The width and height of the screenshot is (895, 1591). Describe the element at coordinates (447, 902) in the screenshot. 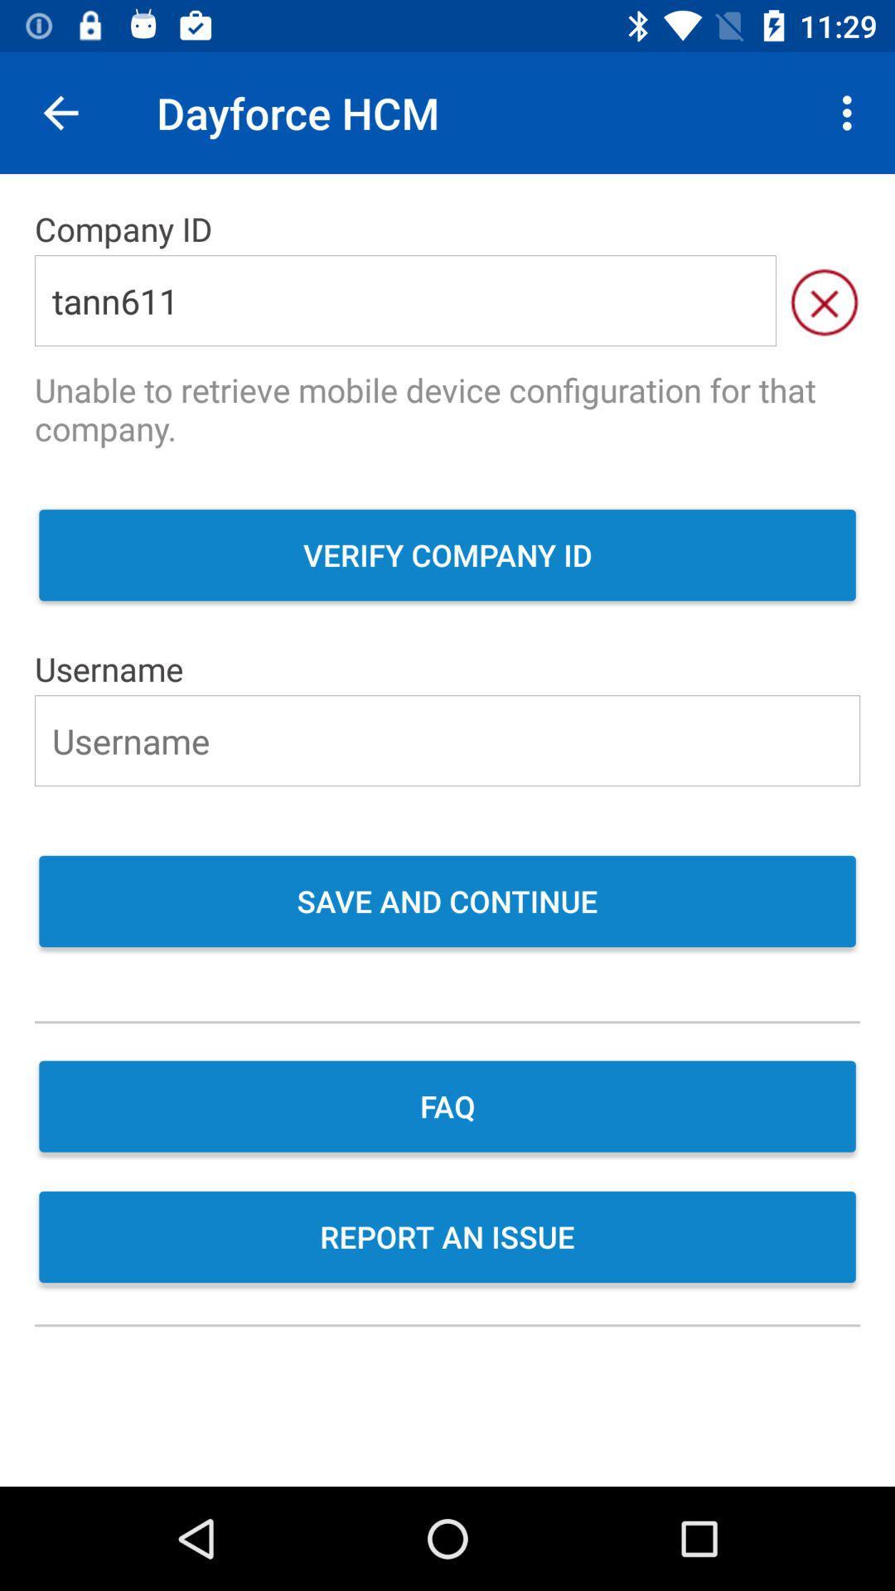

I see `save and continue item` at that location.